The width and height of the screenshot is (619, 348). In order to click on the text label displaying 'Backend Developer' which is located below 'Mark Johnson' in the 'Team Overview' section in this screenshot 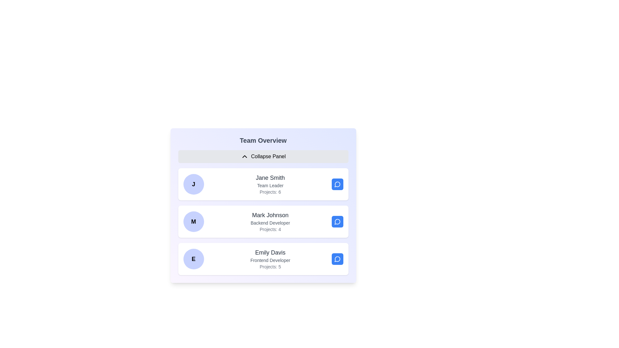, I will do `click(270, 222)`.